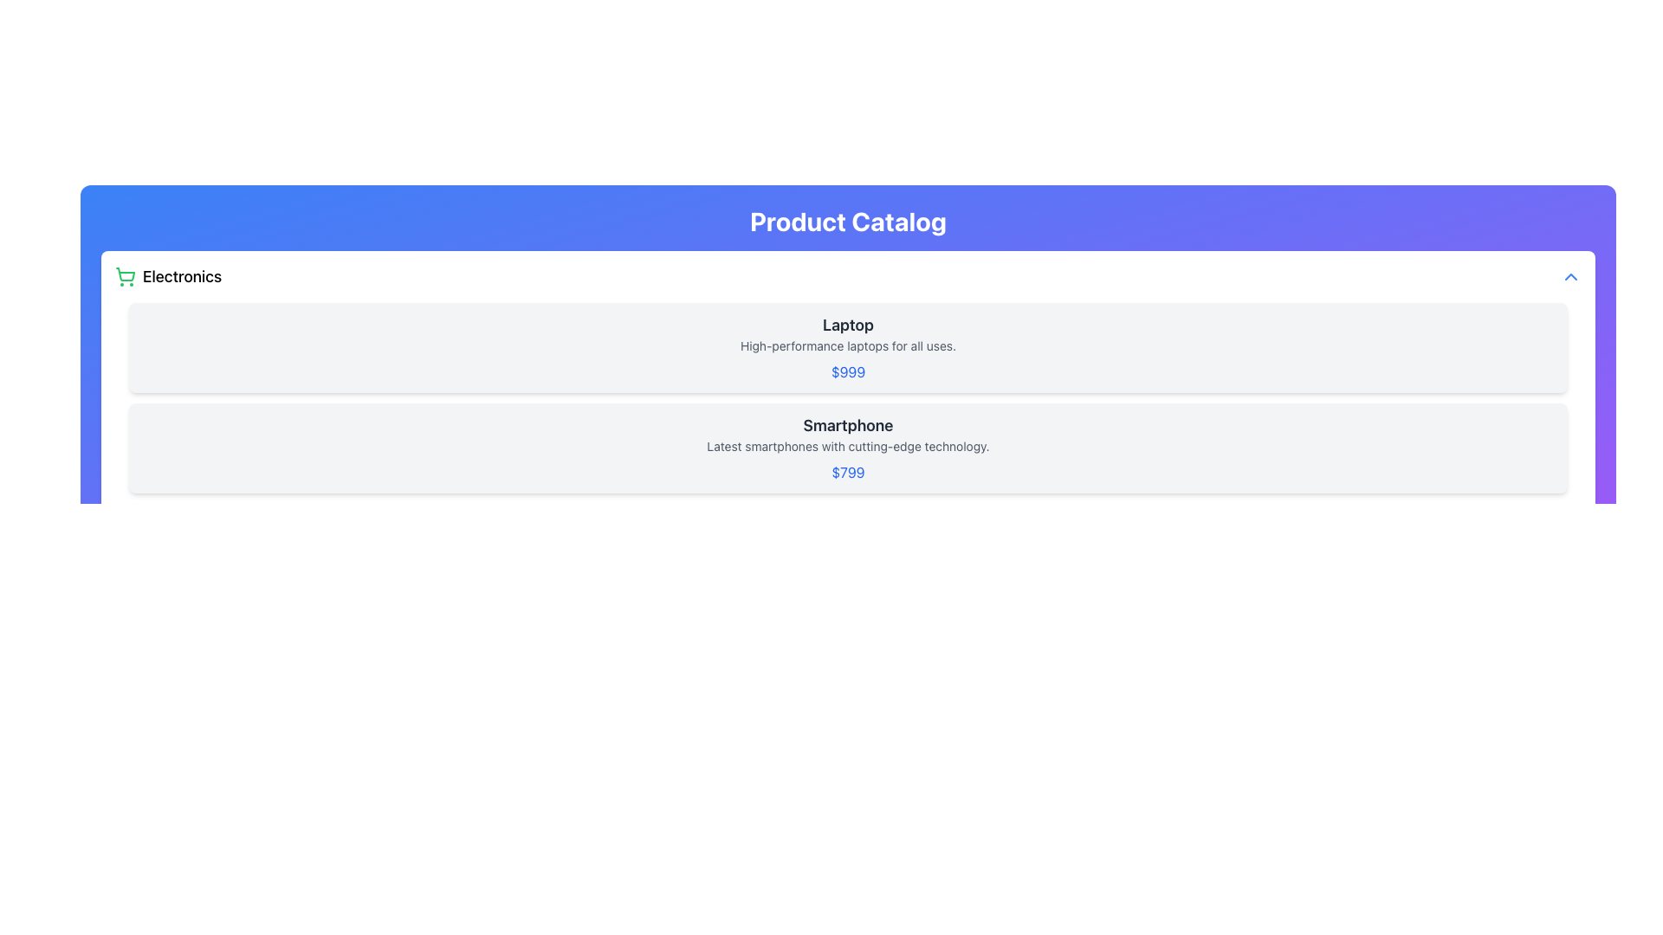  Describe the element at coordinates (848, 371) in the screenshot. I see `price displayed in the Text Label showing '$999' in blue font, positioned below the product description of 'Laptop'` at that location.